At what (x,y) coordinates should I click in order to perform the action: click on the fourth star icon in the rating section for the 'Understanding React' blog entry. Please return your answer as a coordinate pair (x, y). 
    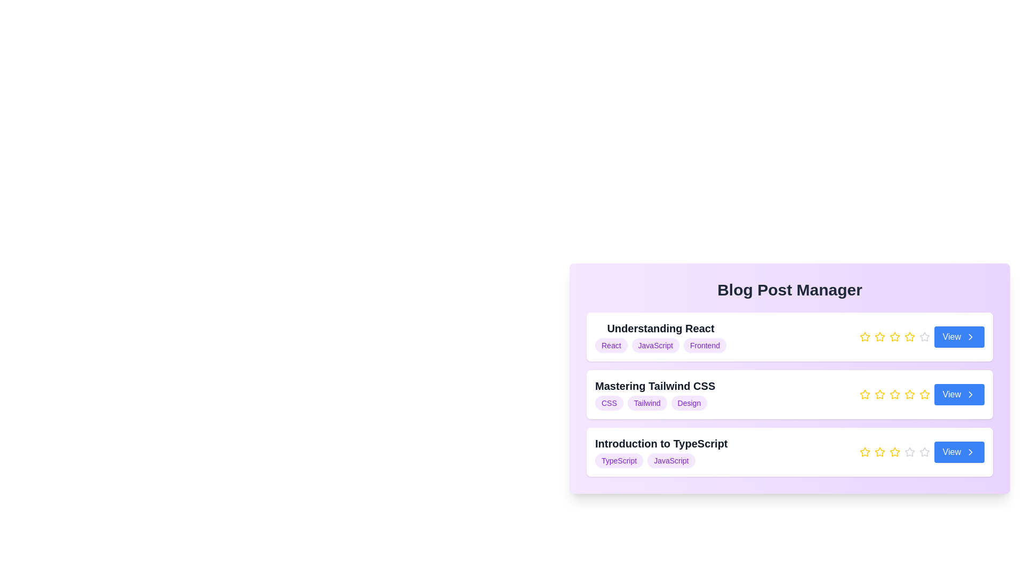
    Looking at the image, I should click on (894, 337).